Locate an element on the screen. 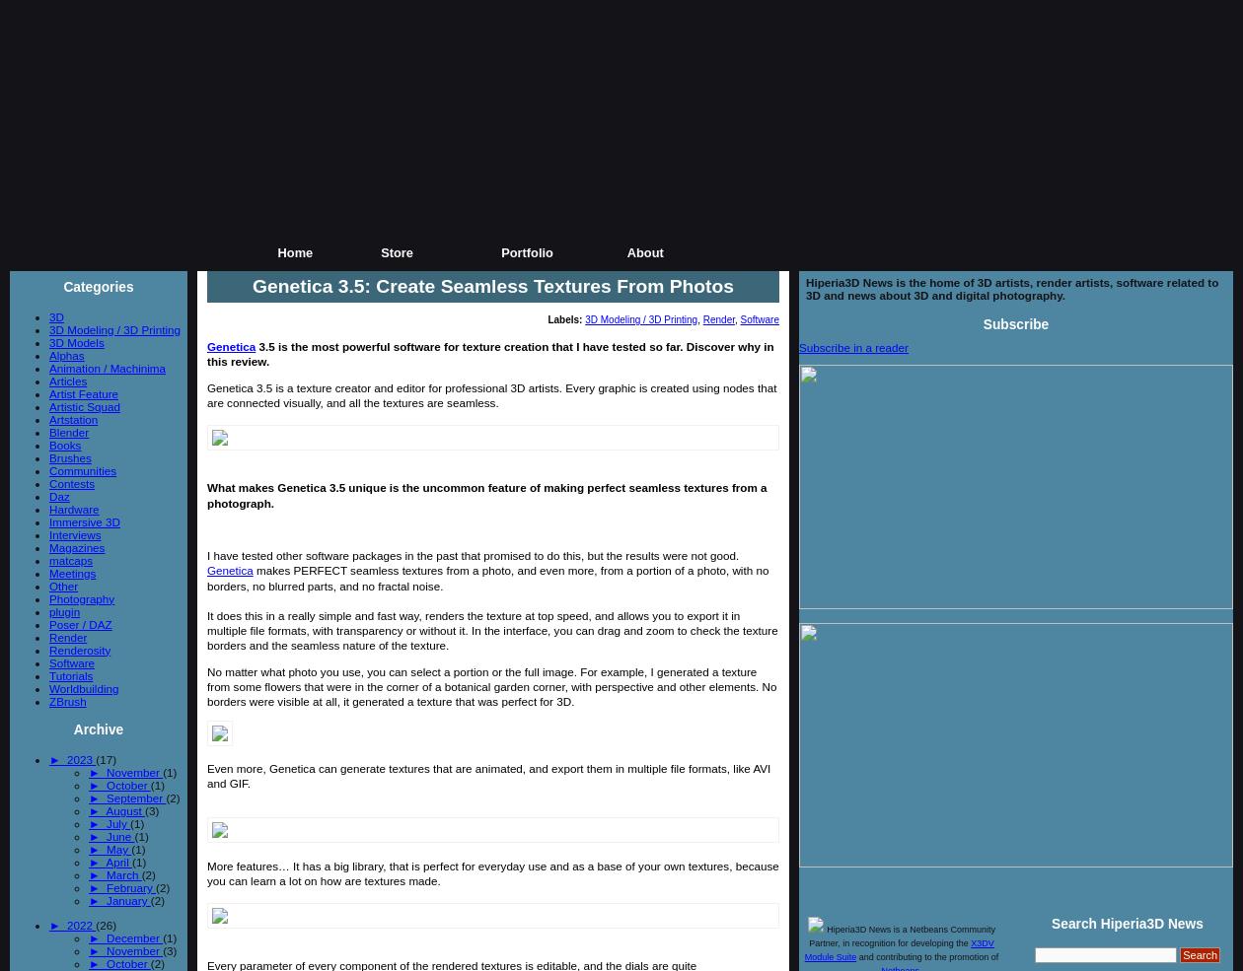 Image resolution: width=1243 pixels, height=971 pixels. 'matcaps' is located at coordinates (70, 559).